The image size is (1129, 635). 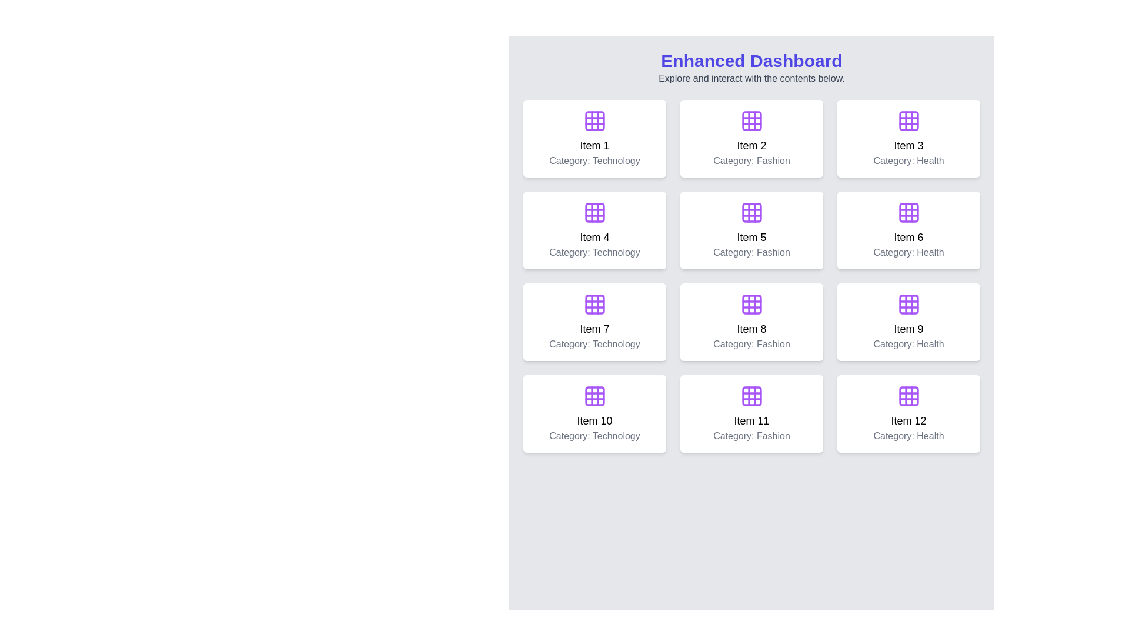 What do you see at coordinates (908, 213) in the screenshot?
I see `the central grid cell component within the grid icon represented by 'Item 6' to trigger its action` at bounding box center [908, 213].